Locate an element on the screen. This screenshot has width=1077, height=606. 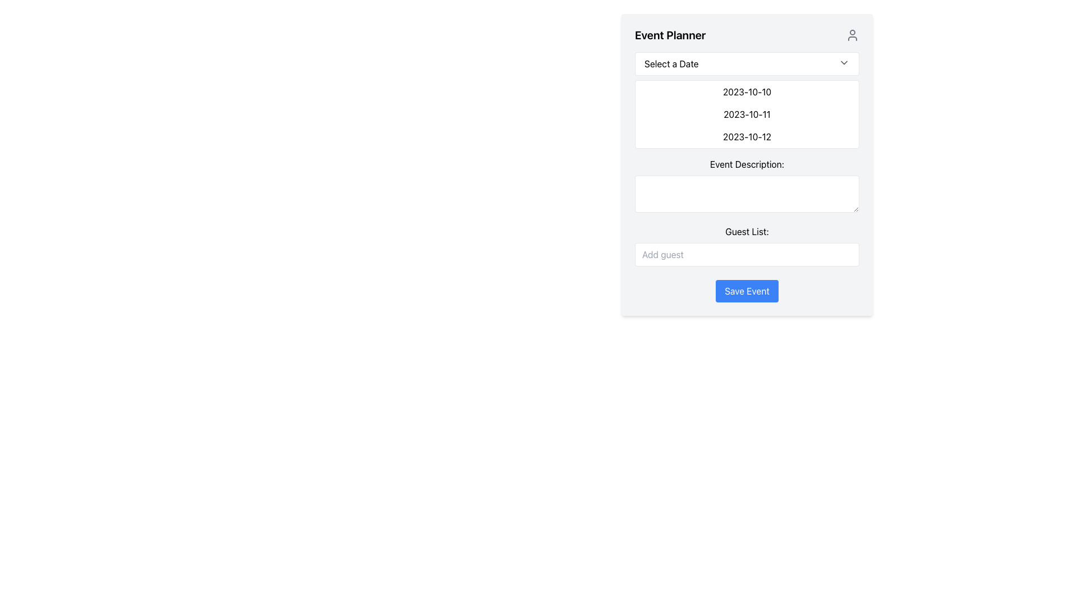
the date label displaying '2023-10-11', which is the second item in a vertically stacked group of date options, located below the 'Event Planner' title and the 'Select a Date' dropdown is located at coordinates (747, 114).